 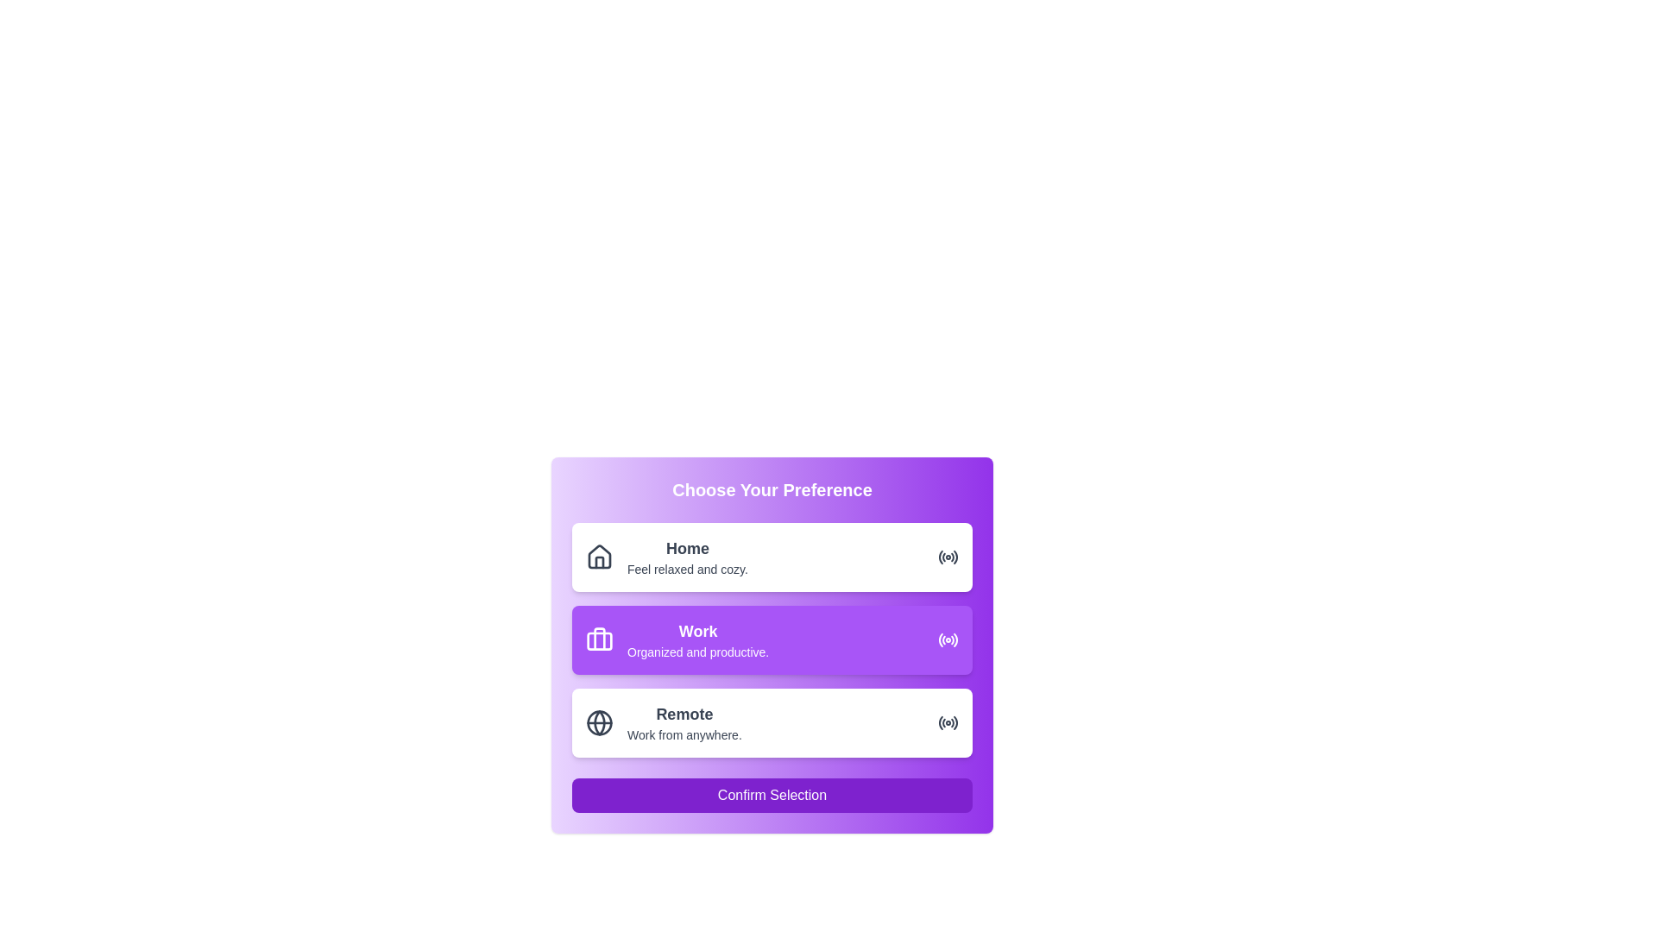 What do you see at coordinates (686, 569) in the screenshot?
I see `the descriptive subtitle text label located below the 'Home' selection option in the first option group of the selection panel` at bounding box center [686, 569].